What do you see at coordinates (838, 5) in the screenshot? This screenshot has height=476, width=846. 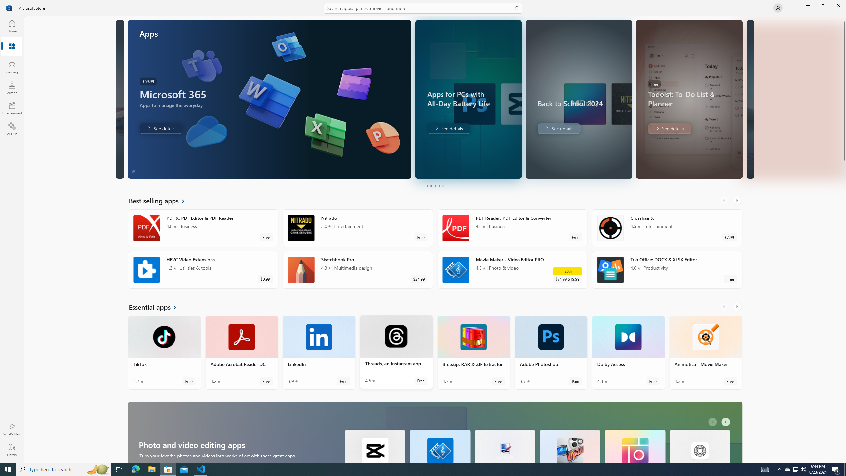 I see `'Close Microsoft Store'` at bounding box center [838, 5].